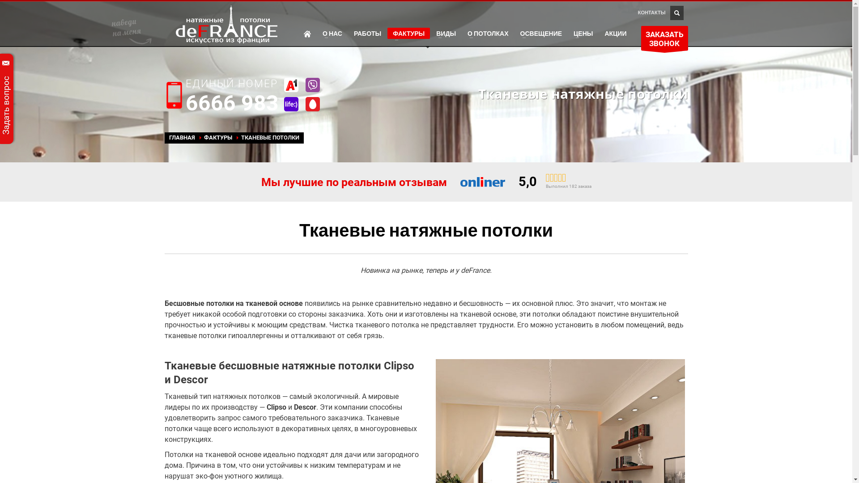  Describe the element at coordinates (312, 103) in the screenshot. I see `'MTS'` at that location.